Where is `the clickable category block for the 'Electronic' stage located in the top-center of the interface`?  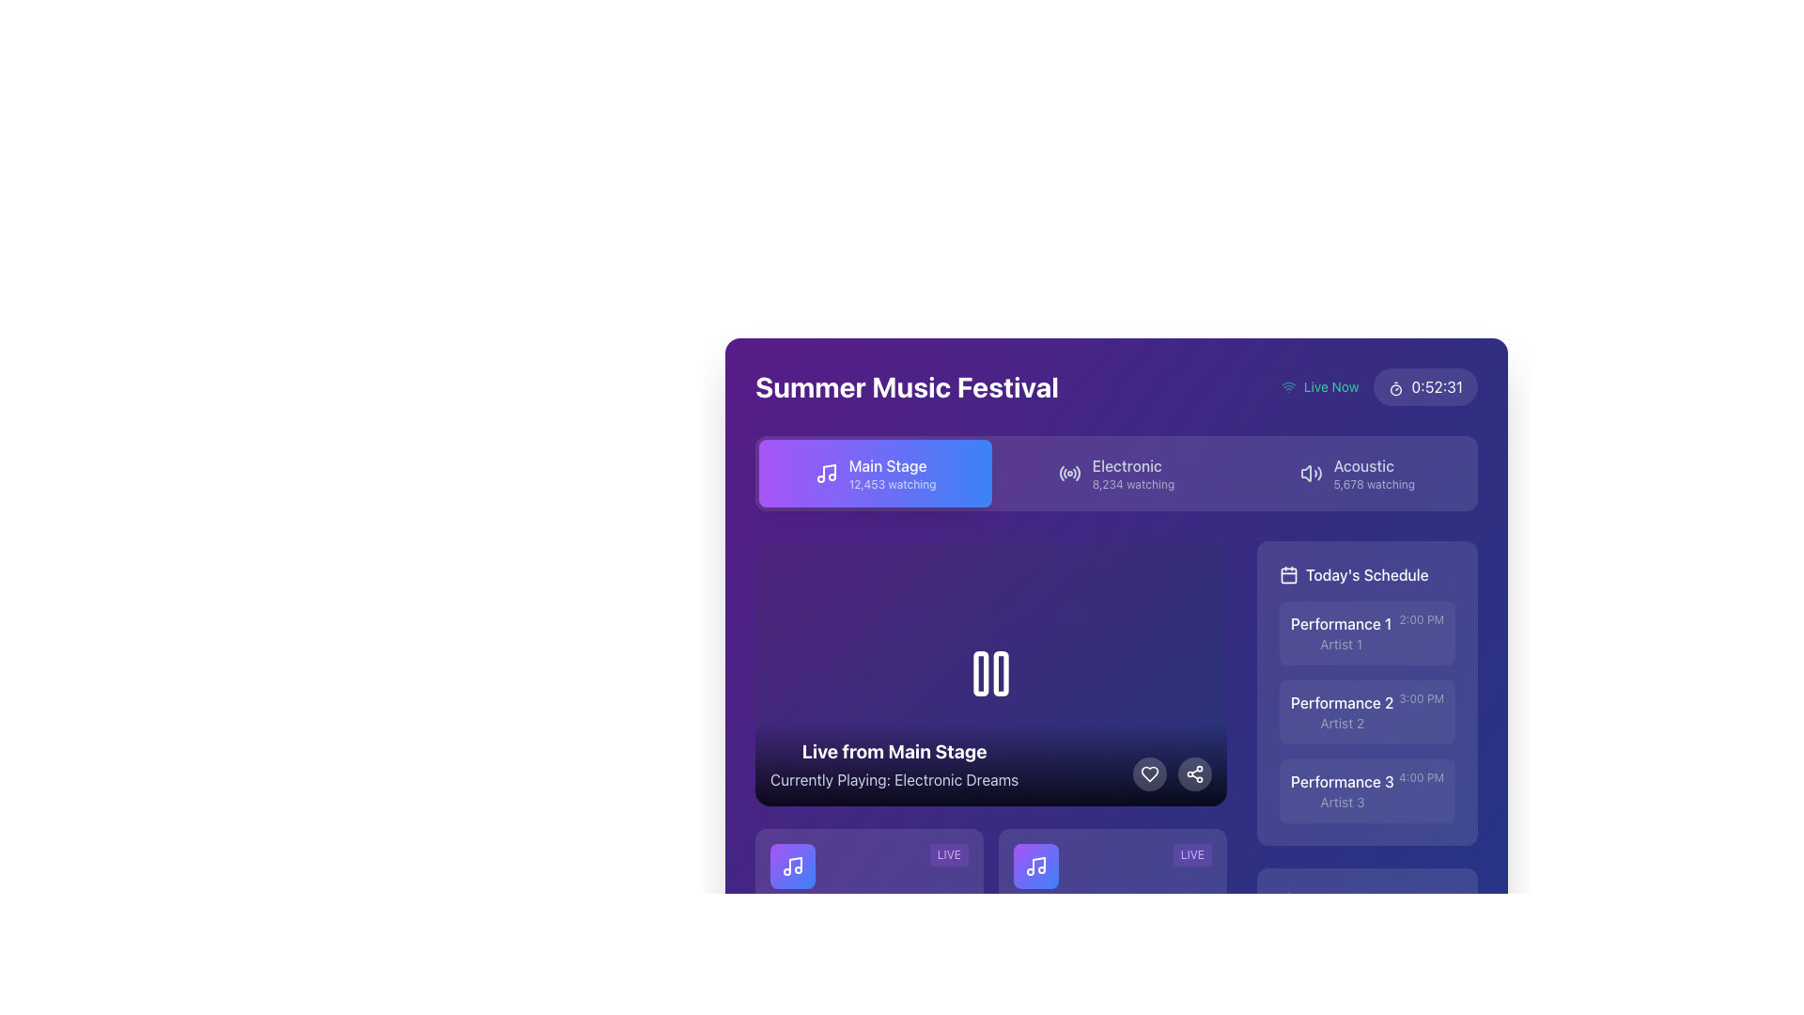
the clickable category block for the 'Electronic' stage located in the top-center of the interface is located at coordinates (1132, 473).